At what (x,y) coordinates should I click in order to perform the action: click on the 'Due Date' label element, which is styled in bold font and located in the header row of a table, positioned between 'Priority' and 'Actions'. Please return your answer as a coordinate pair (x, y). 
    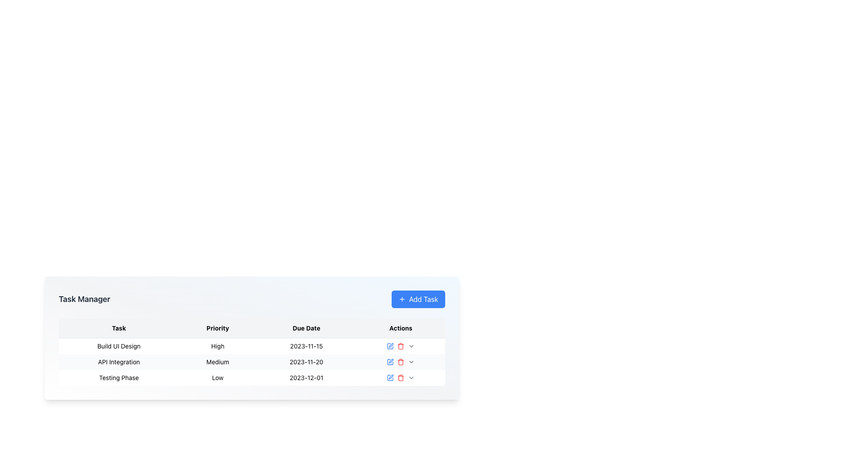
    Looking at the image, I should click on (306, 328).